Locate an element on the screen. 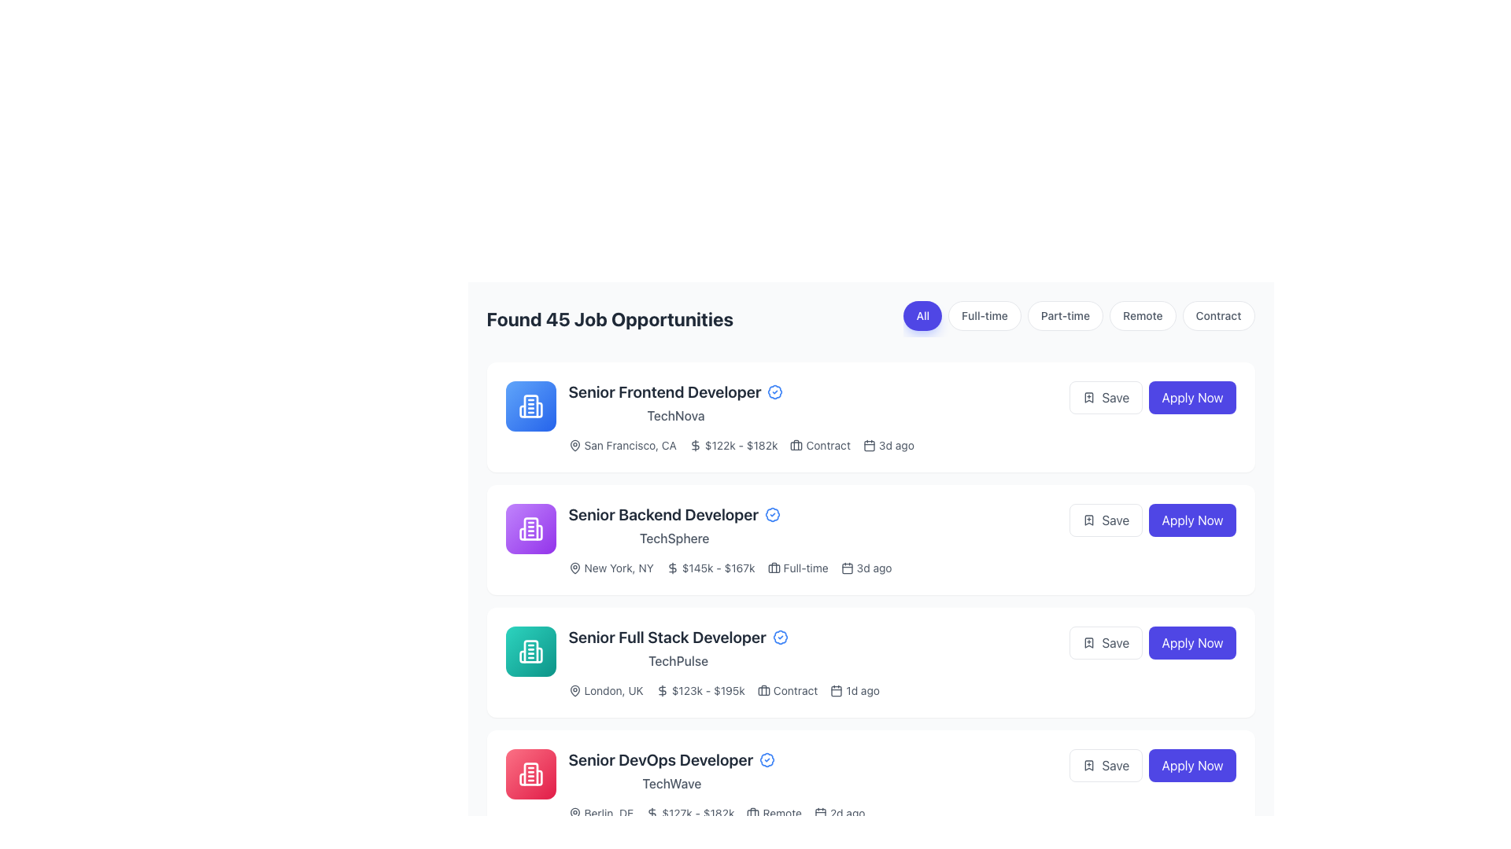 The width and height of the screenshot is (1511, 849). the decorative vector graphic within the building-like structure icon, which is part of the job entry icon area located centrally within a blue circular background is located at coordinates (530, 405).